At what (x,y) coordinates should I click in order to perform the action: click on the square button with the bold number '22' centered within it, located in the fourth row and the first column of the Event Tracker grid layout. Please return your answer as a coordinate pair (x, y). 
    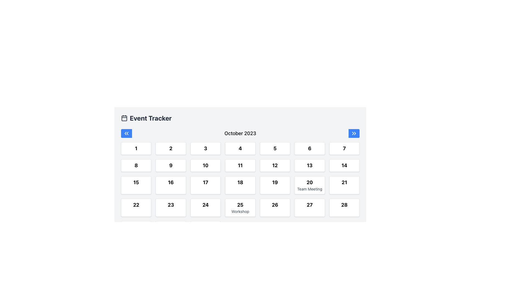
    Looking at the image, I should click on (136, 208).